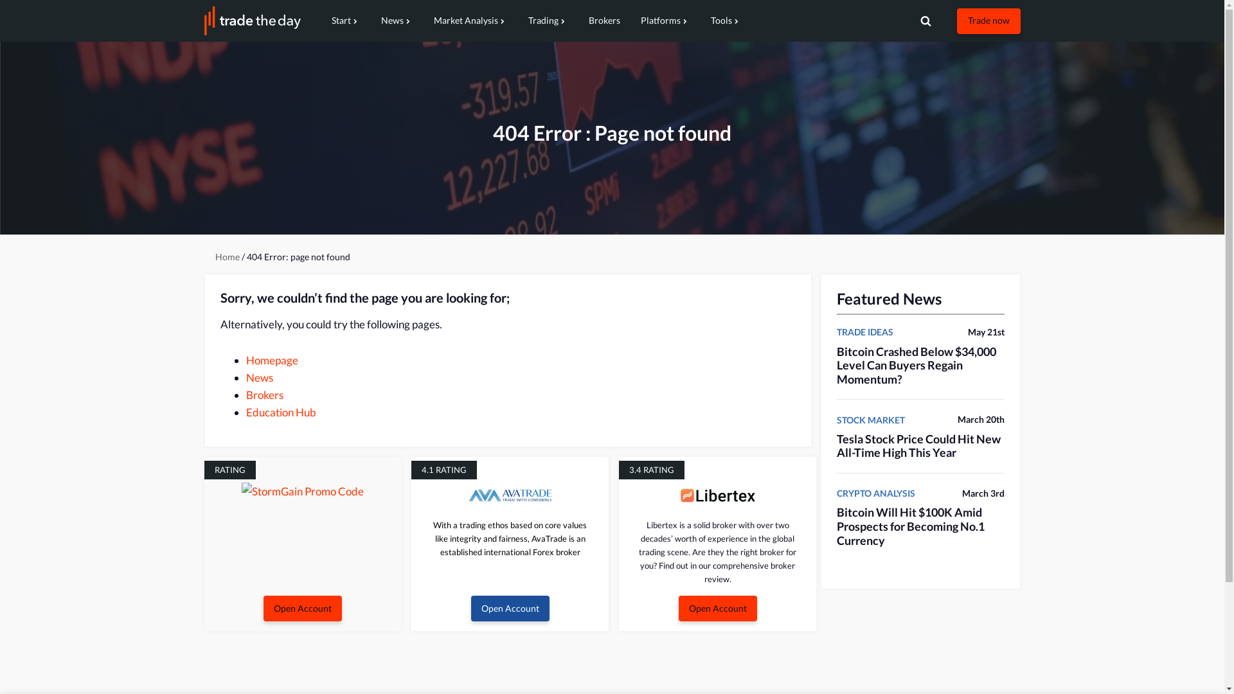 This screenshot has height=694, width=1234. What do you see at coordinates (987, 20) in the screenshot?
I see `'Trade now'` at bounding box center [987, 20].